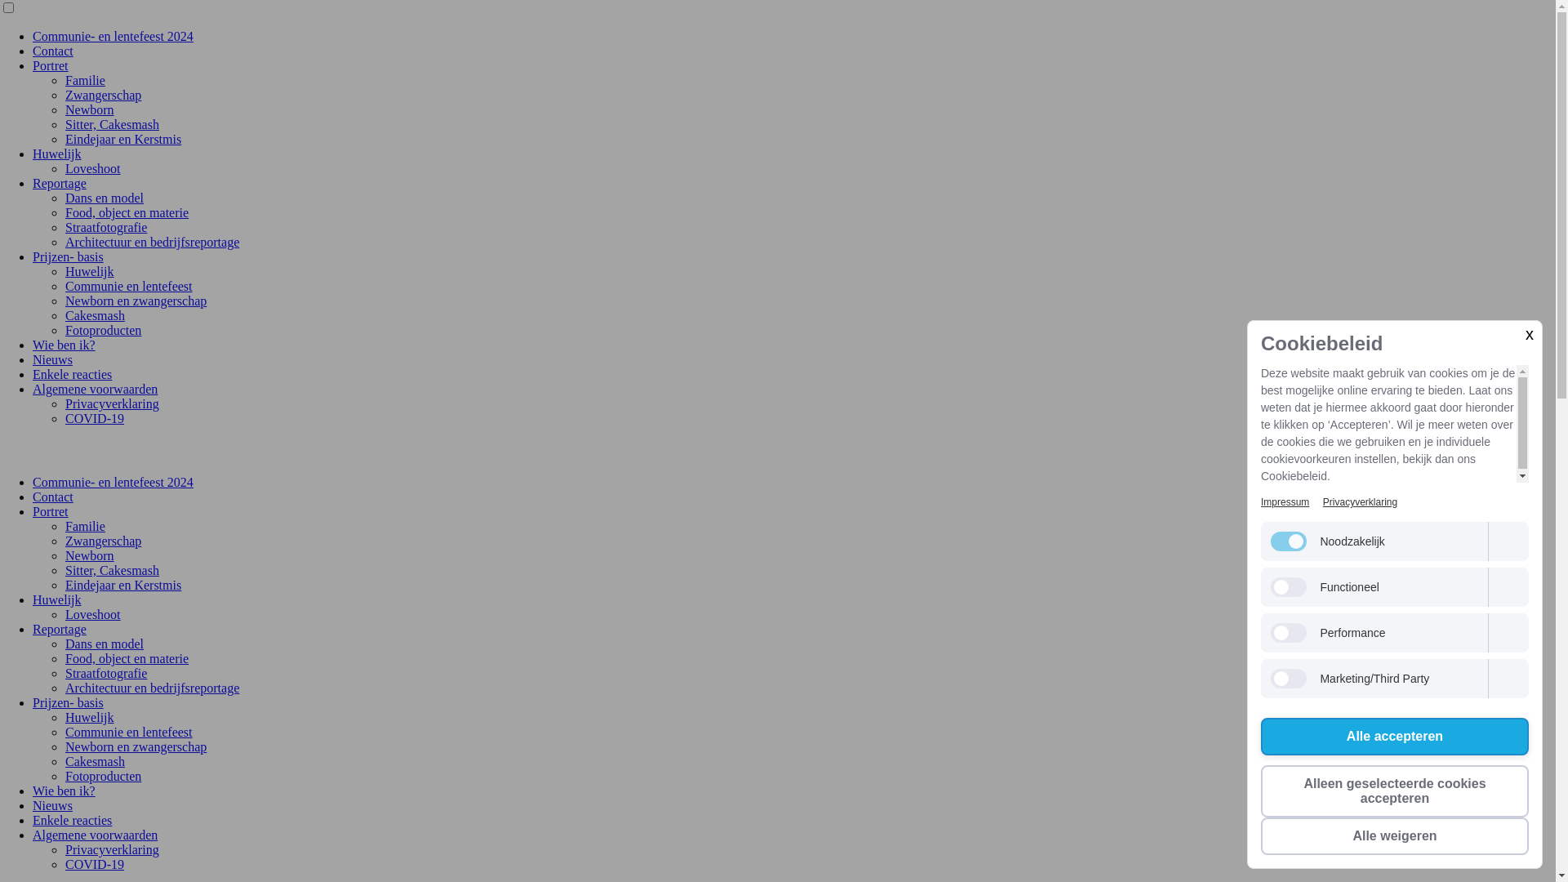  What do you see at coordinates (94, 315) in the screenshot?
I see `'Cakesmash'` at bounding box center [94, 315].